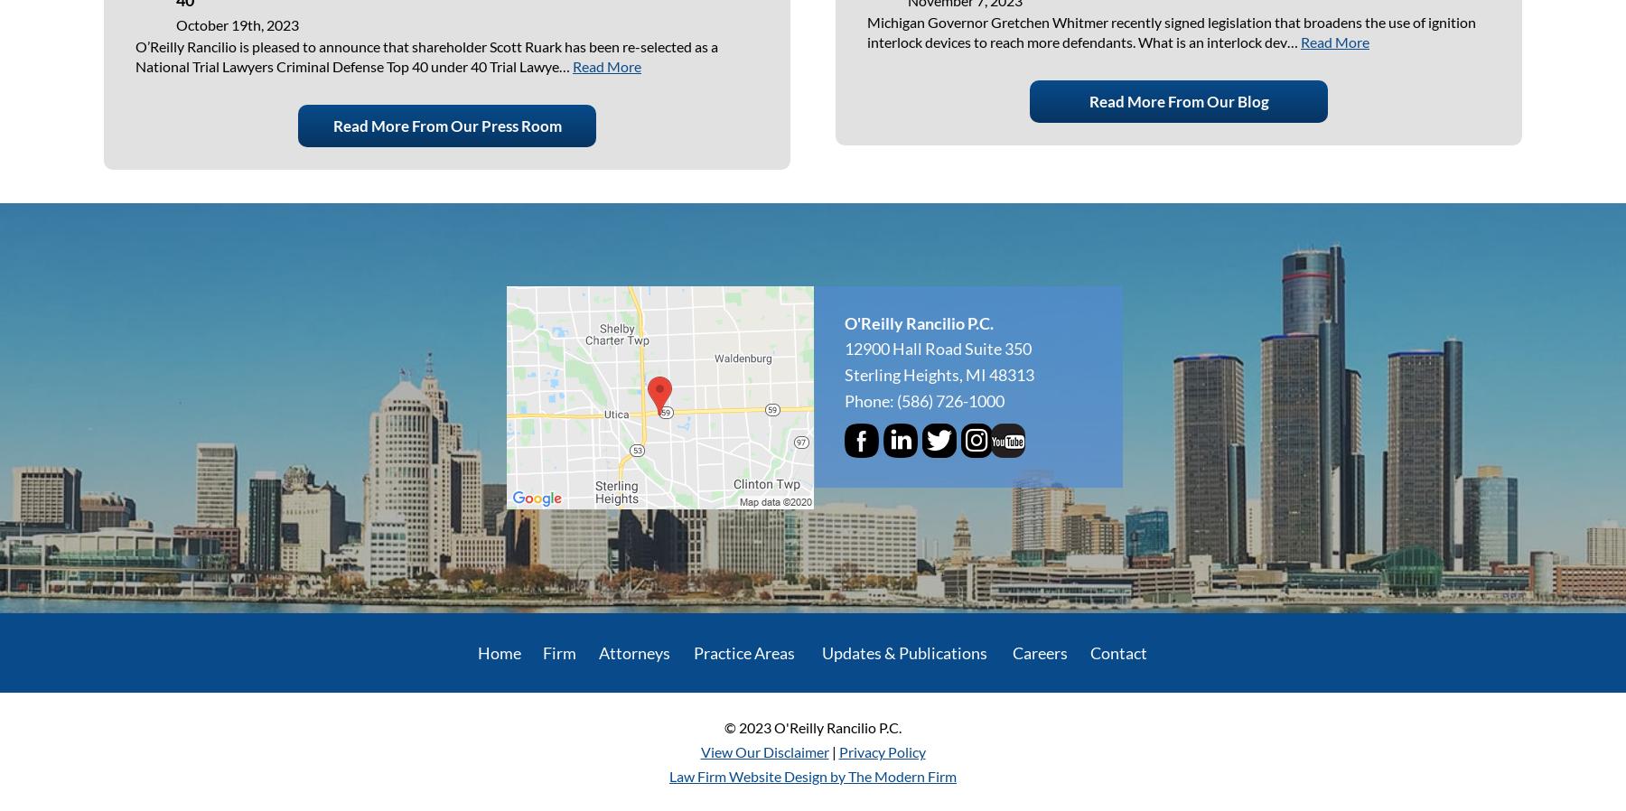 The height and width of the screenshot is (811, 1626). What do you see at coordinates (632, 651) in the screenshot?
I see `'Attorneys'` at bounding box center [632, 651].